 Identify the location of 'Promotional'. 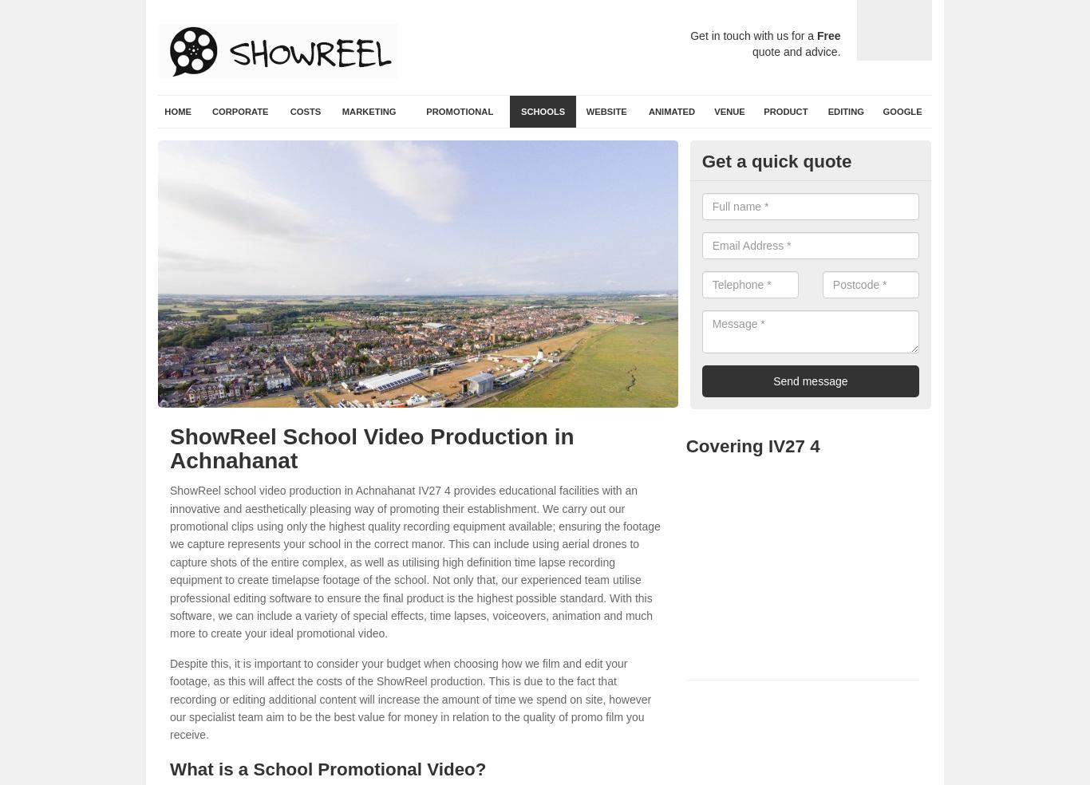
(459, 112).